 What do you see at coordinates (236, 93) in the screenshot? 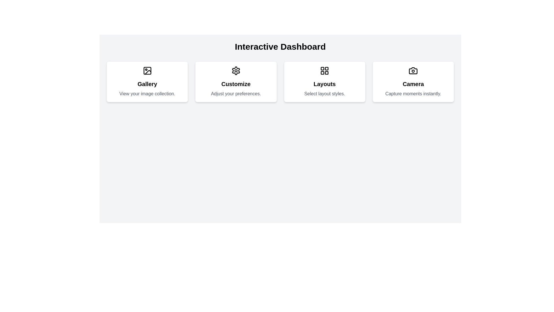
I see `supplementary text label that provides context for the 'Customize' section, located beneath the 'Customize' text in the second card of a horizontal grid layout` at bounding box center [236, 93].